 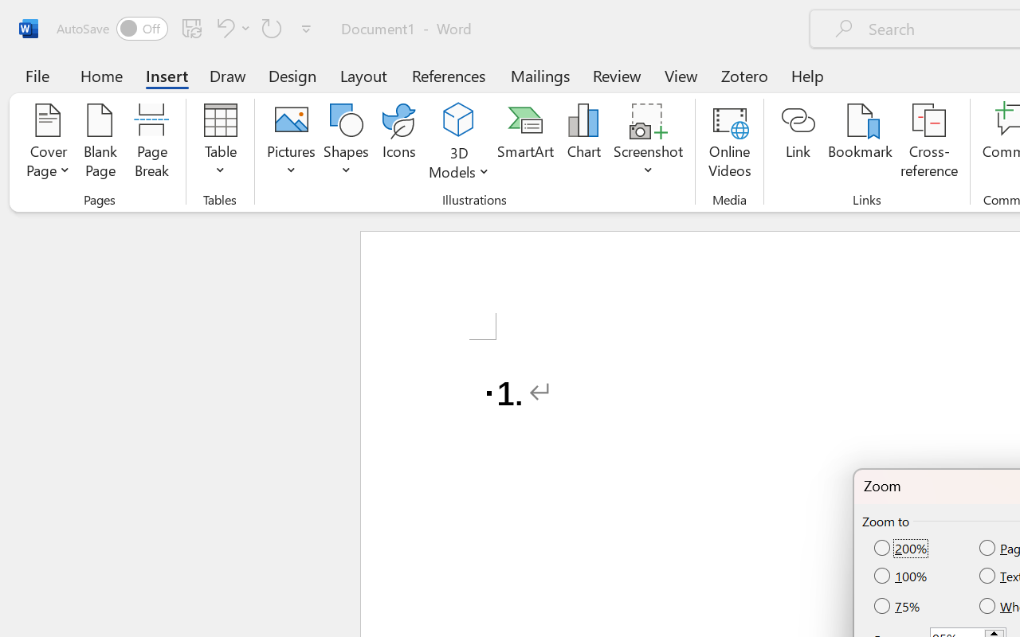 I want to click on 'Cross-reference...', so click(x=929, y=143).